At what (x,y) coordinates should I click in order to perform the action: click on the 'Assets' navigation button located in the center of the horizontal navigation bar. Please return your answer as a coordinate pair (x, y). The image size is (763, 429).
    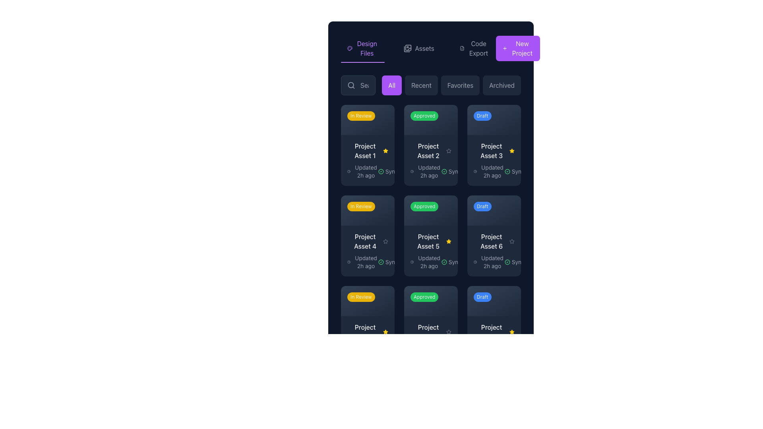
    Looking at the image, I should click on (418, 48).